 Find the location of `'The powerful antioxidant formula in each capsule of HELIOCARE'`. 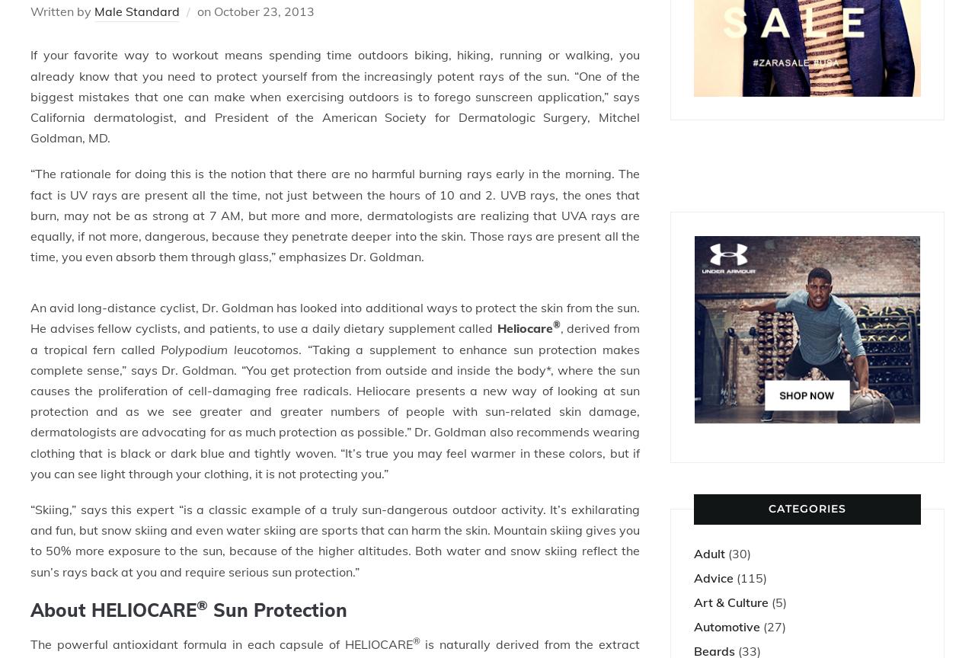

'The powerful antioxidant formula in each capsule of HELIOCARE' is located at coordinates (220, 644).